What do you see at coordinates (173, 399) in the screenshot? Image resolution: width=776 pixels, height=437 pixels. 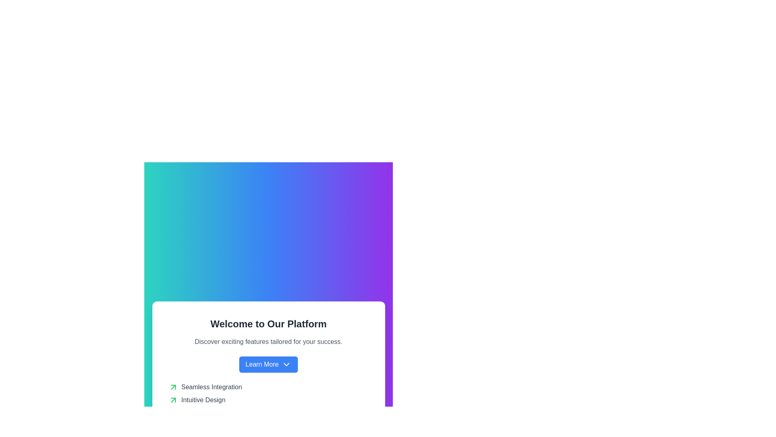 I see `the icon preceding the 'Intuitive Design' label to initiate an action` at bounding box center [173, 399].